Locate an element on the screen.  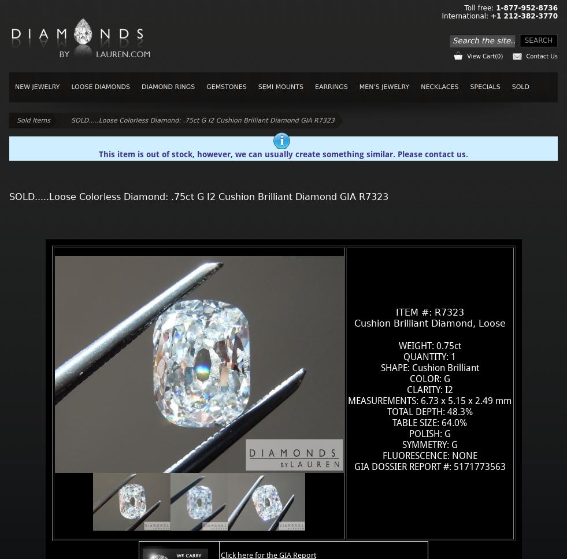
'TOTAL DEPTH: 48.3%' is located at coordinates (429, 410).